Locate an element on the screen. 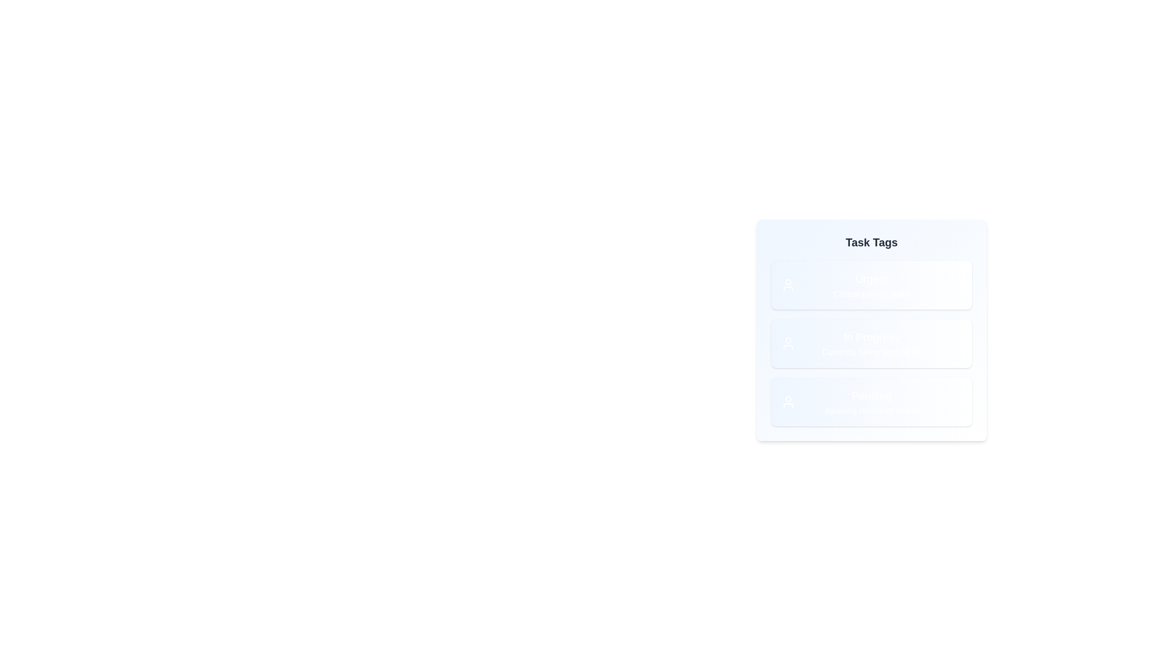 The height and width of the screenshot is (657, 1168). the tag labeled 'Pending' to observe hover-based interaction is located at coordinates (871, 401).